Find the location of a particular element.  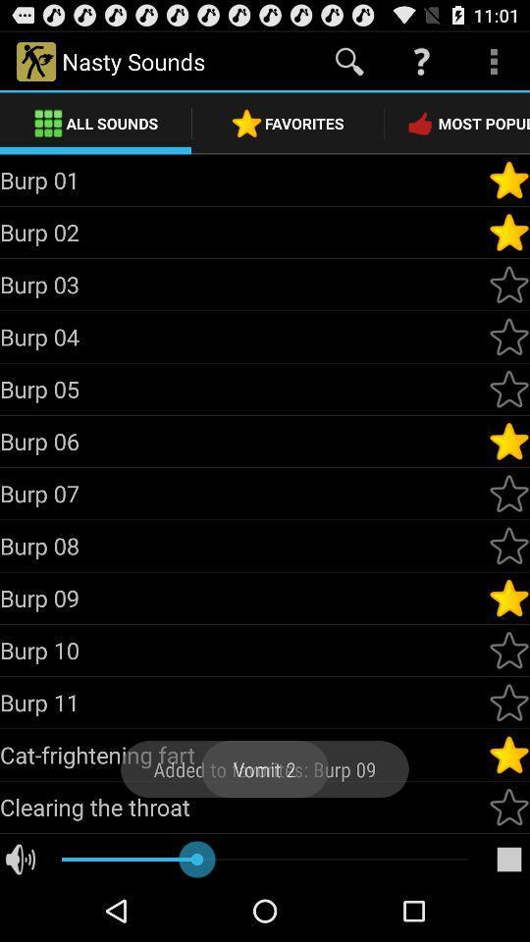

the cat-frightening fart is located at coordinates (243, 754).